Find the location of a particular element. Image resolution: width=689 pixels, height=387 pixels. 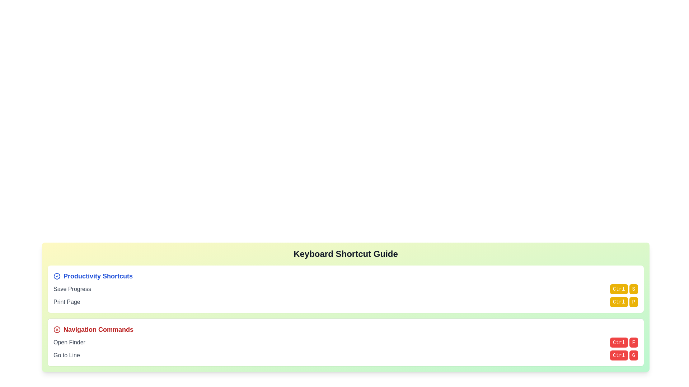

the button-like label indicating the 'P' key, which is the second element in the 'Productivity Shortcuts' section is located at coordinates (633, 302).